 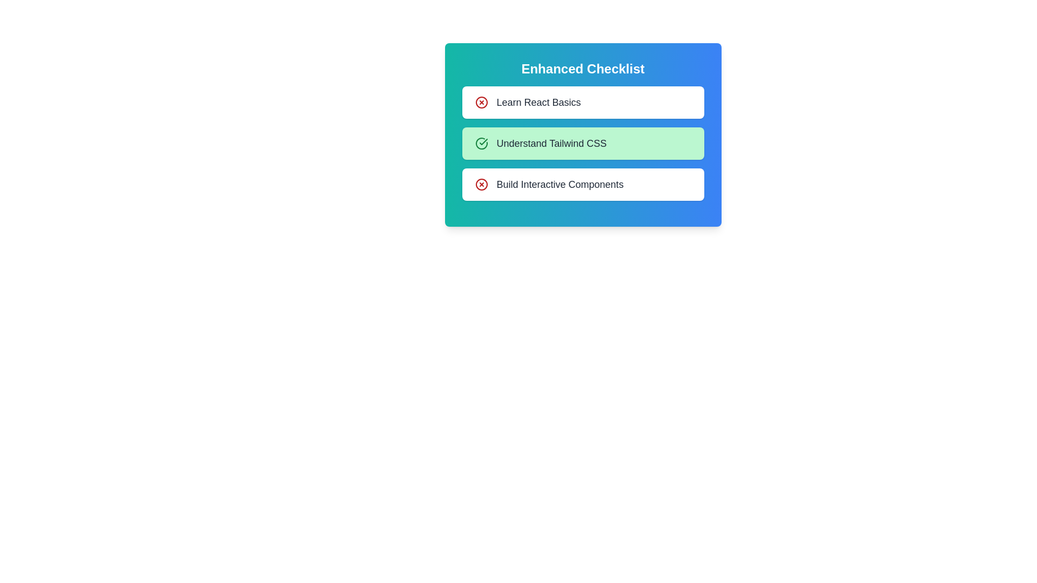 I want to click on the checklist item corresponding to Build Interactive Components, so click(x=481, y=184).